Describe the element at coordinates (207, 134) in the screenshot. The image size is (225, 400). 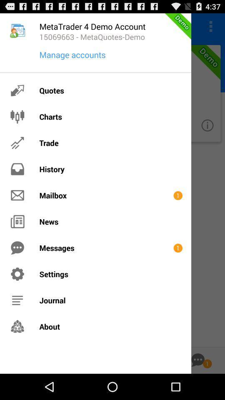
I see `the info icon` at that location.